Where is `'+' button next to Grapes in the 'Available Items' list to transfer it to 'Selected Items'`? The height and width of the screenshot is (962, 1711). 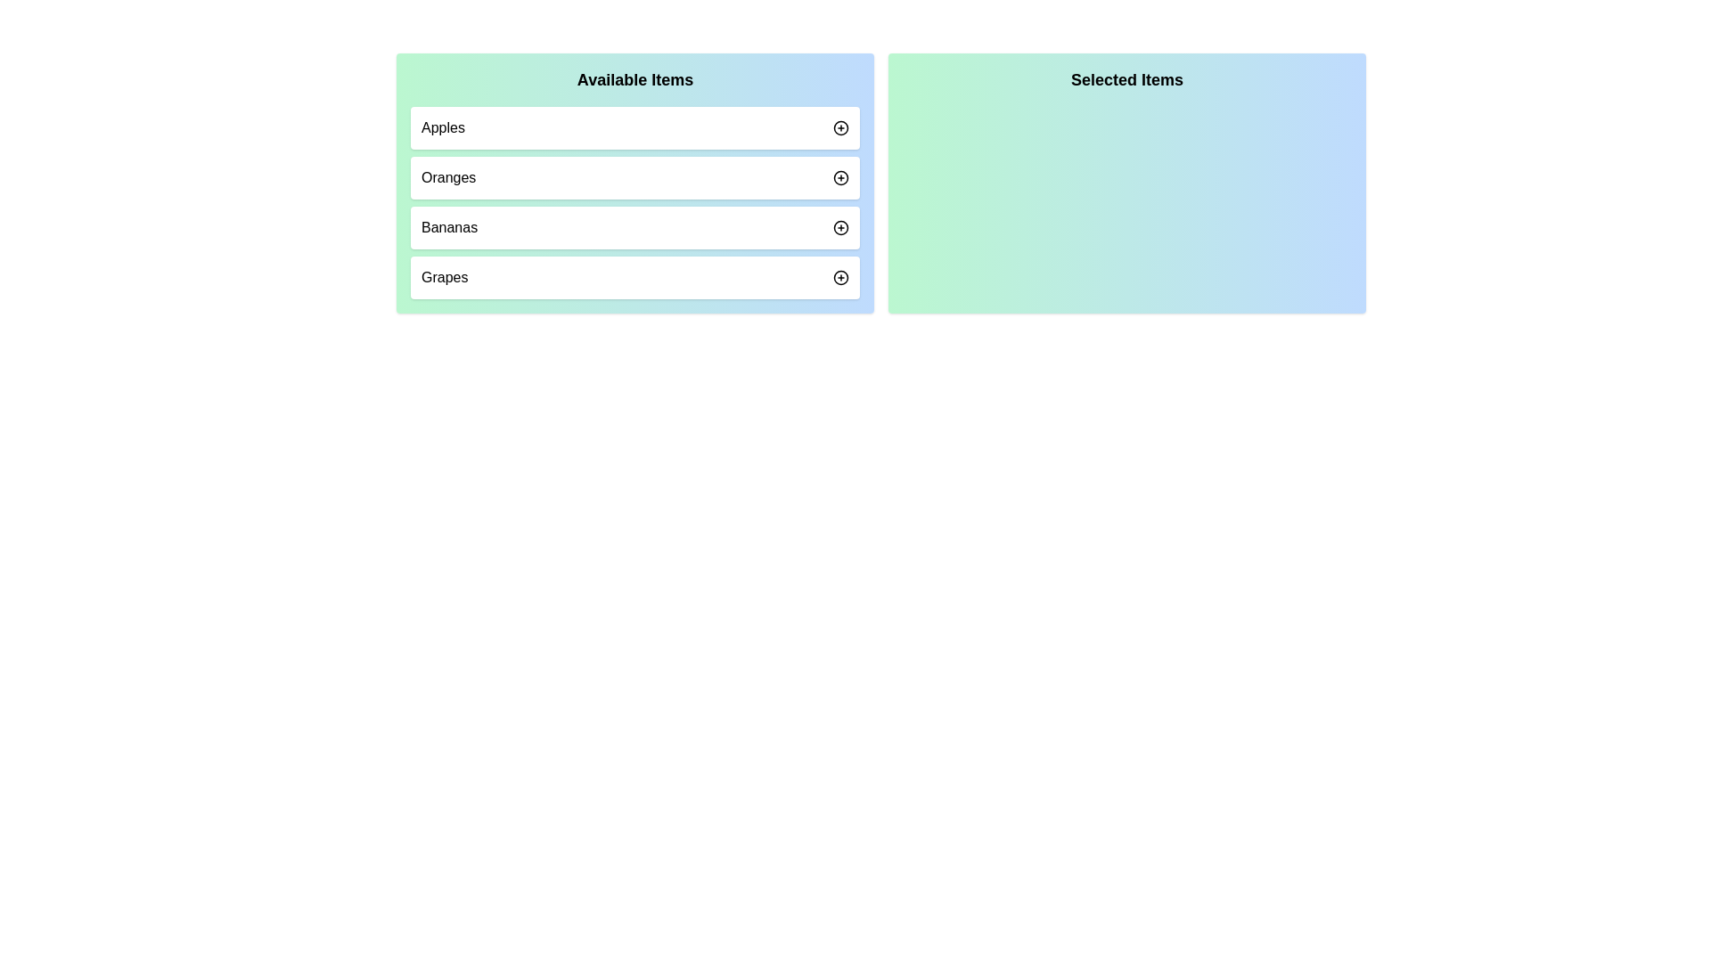
'+' button next to Grapes in the 'Available Items' list to transfer it to 'Selected Items' is located at coordinates (840, 278).